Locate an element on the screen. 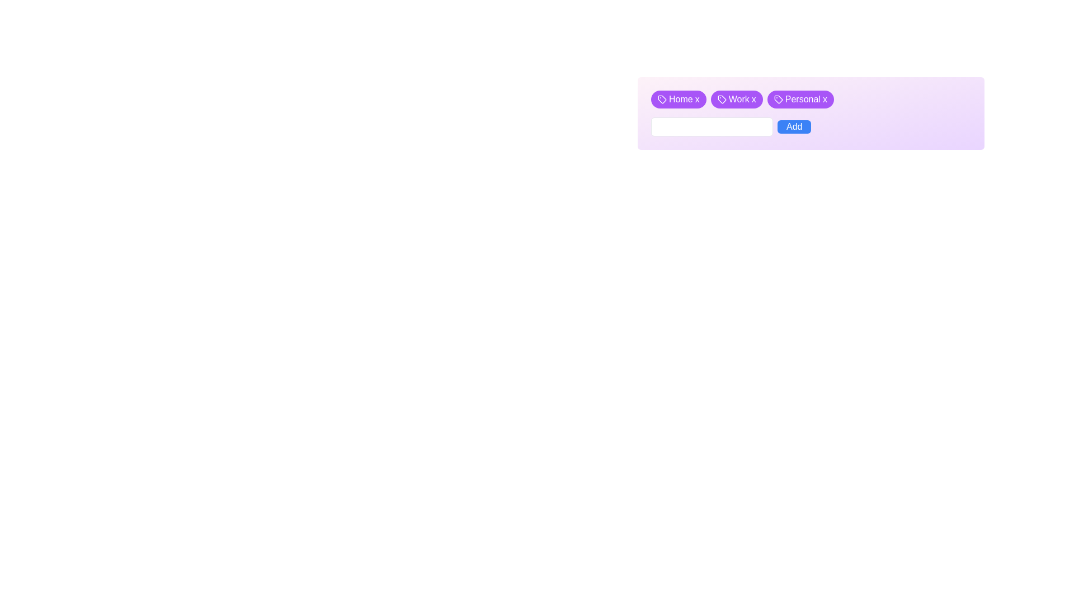 Image resolution: width=1074 pixels, height=604 pixels. the second pill-shaped tag labeled 'Work' with a purple background is located at coordinates (737, 98).